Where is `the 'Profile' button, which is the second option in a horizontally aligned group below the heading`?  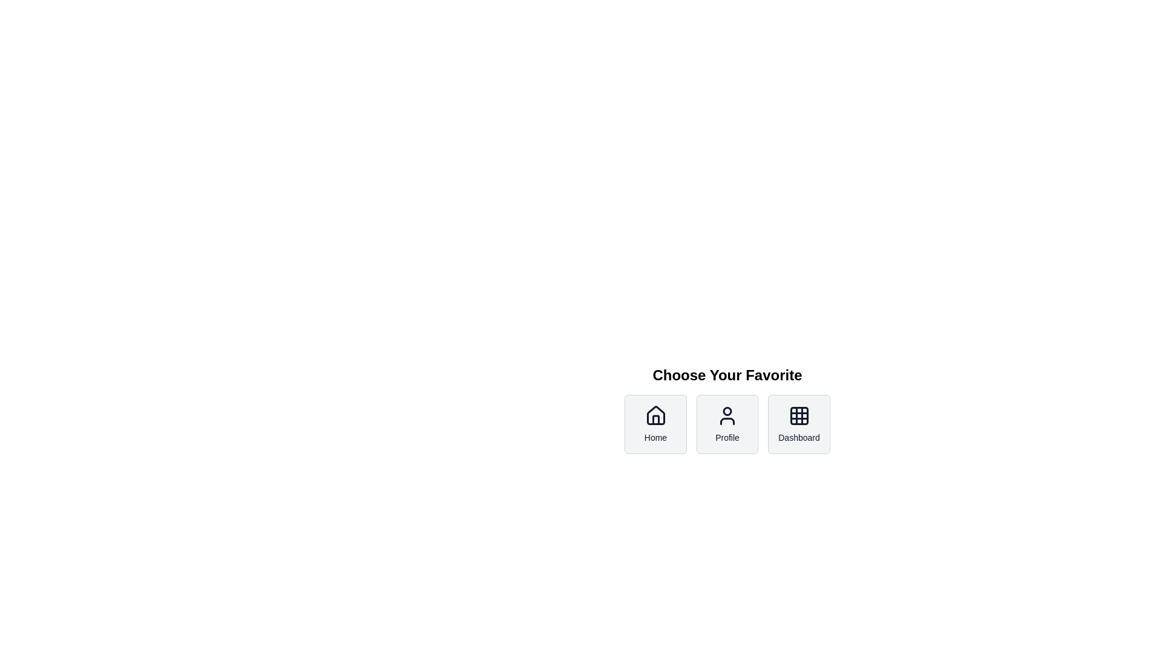
the 'Profile' button, which is the second option in a horizontally aligned group below the heading is located at coordinates (726, 437).